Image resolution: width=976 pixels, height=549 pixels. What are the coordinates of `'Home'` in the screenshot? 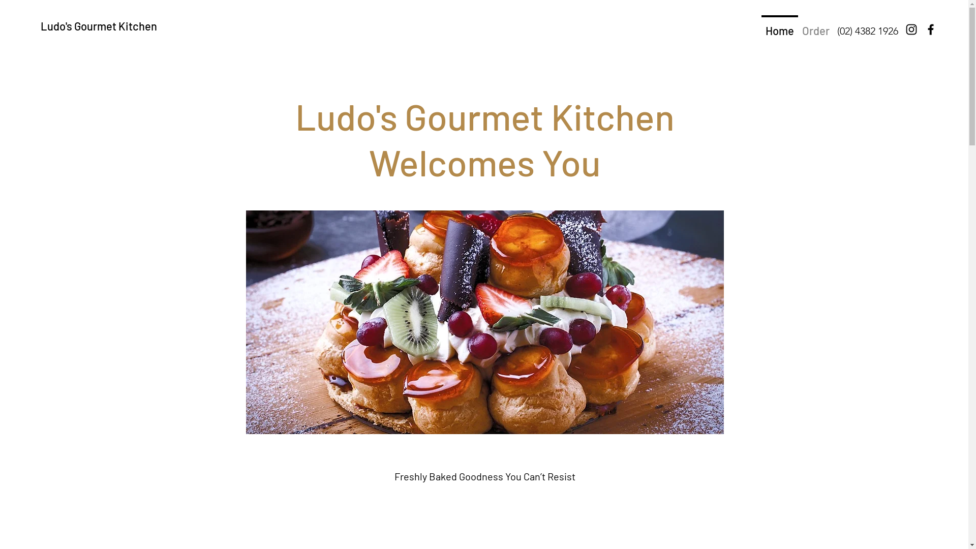 It's located at (779, 25).